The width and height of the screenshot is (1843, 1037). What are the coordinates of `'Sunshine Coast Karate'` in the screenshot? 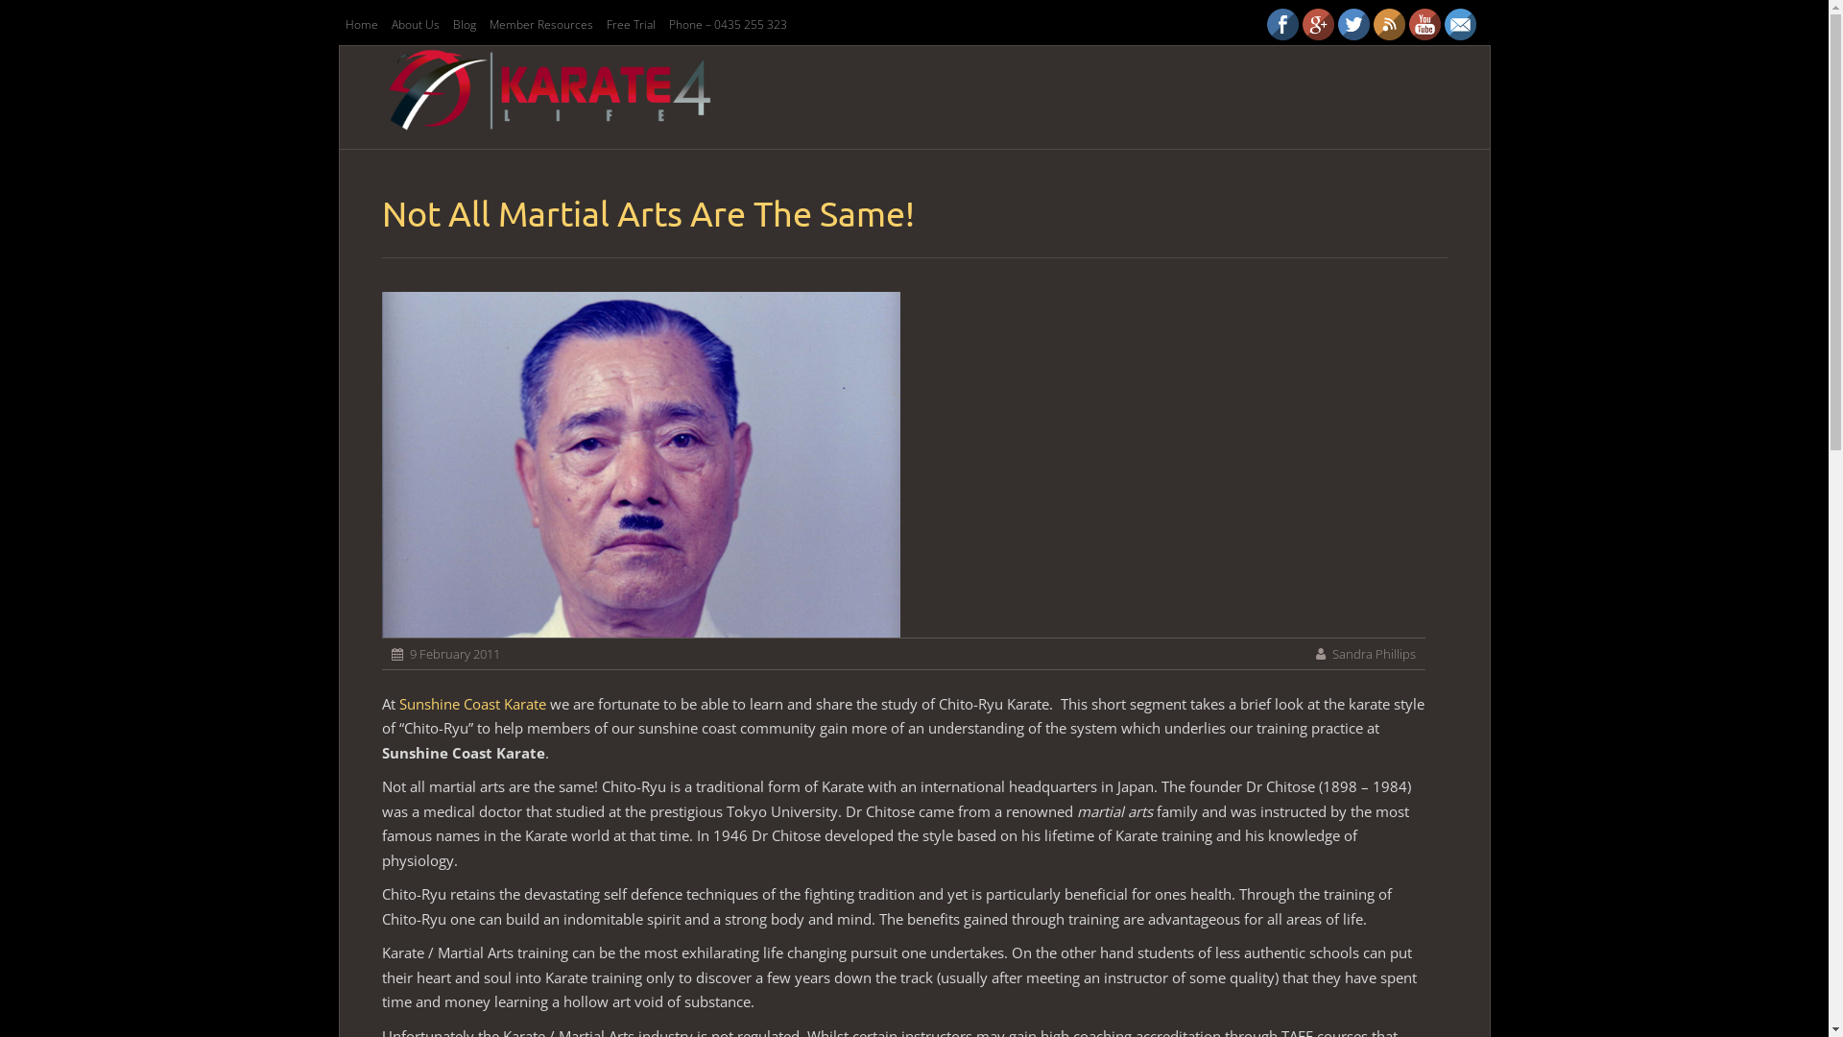 It's located at (472, 703).